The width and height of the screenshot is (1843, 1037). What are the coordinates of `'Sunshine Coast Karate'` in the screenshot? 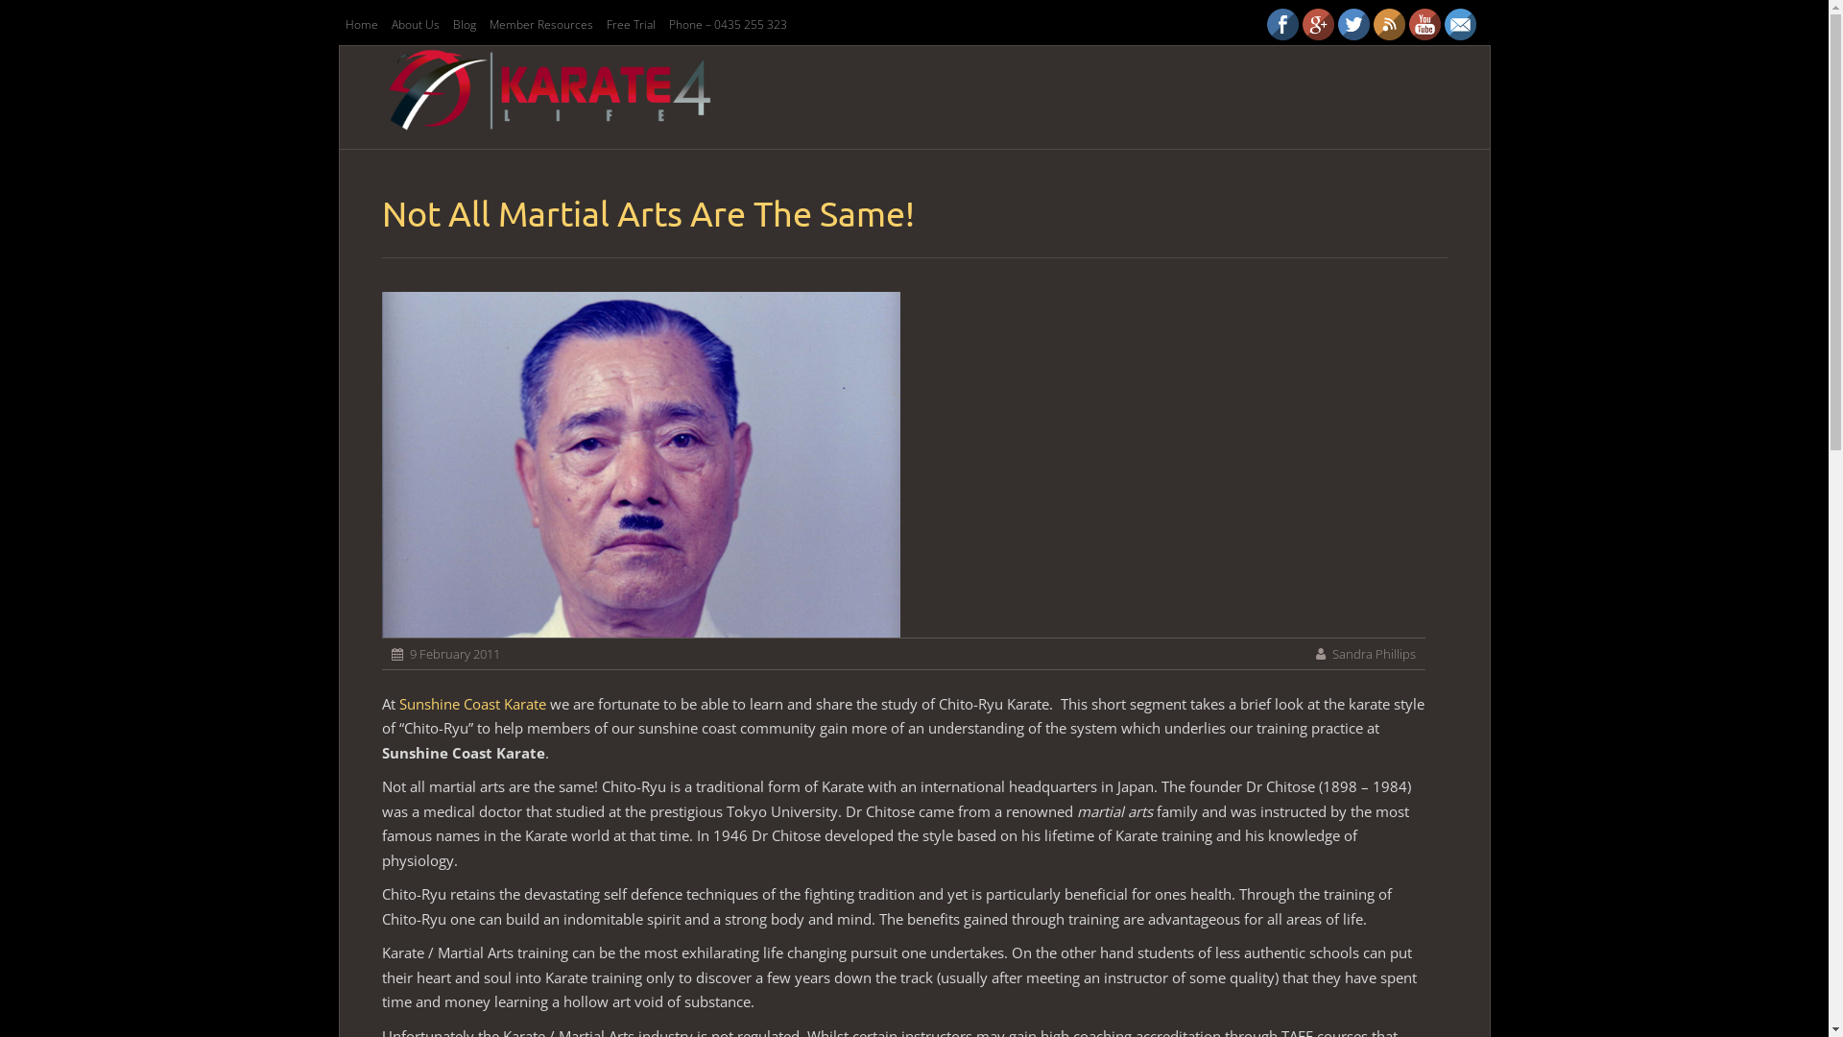 It's located at (472, 703).